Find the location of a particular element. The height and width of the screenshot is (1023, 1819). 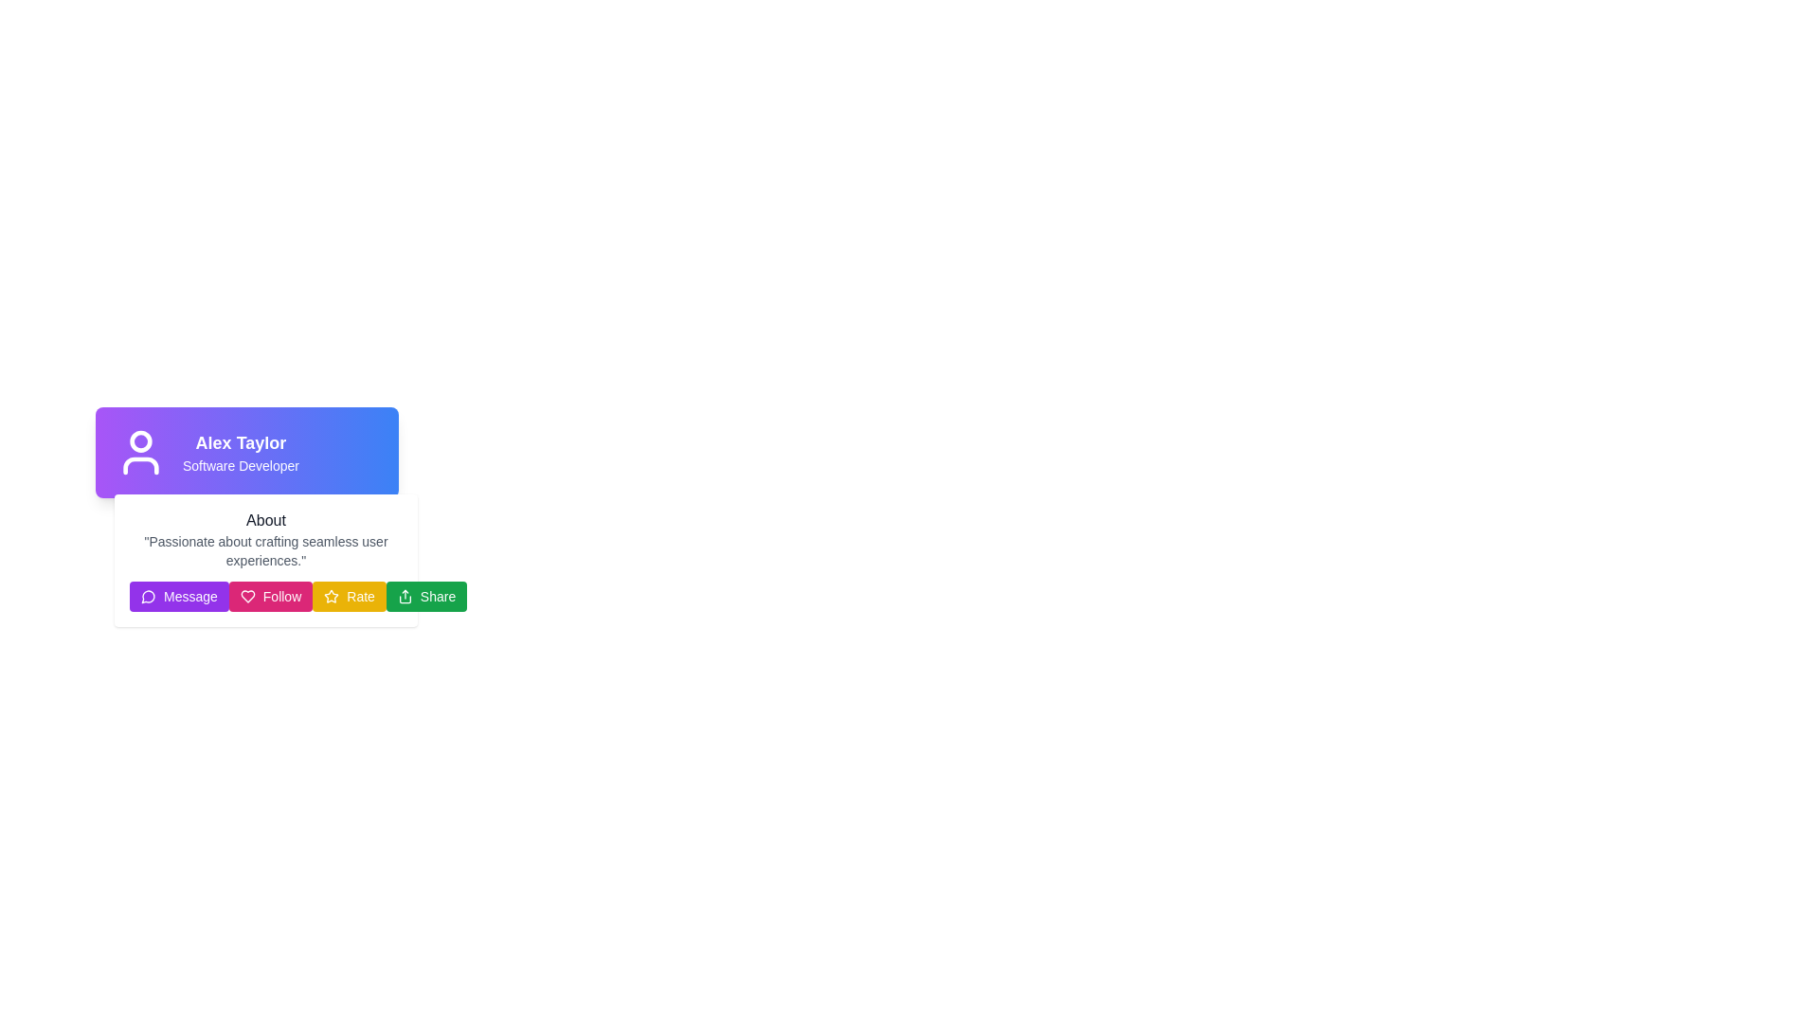

the bright yellow star icon with a hollow center, which is part of the rating feature is located at coordinates (332, 595).